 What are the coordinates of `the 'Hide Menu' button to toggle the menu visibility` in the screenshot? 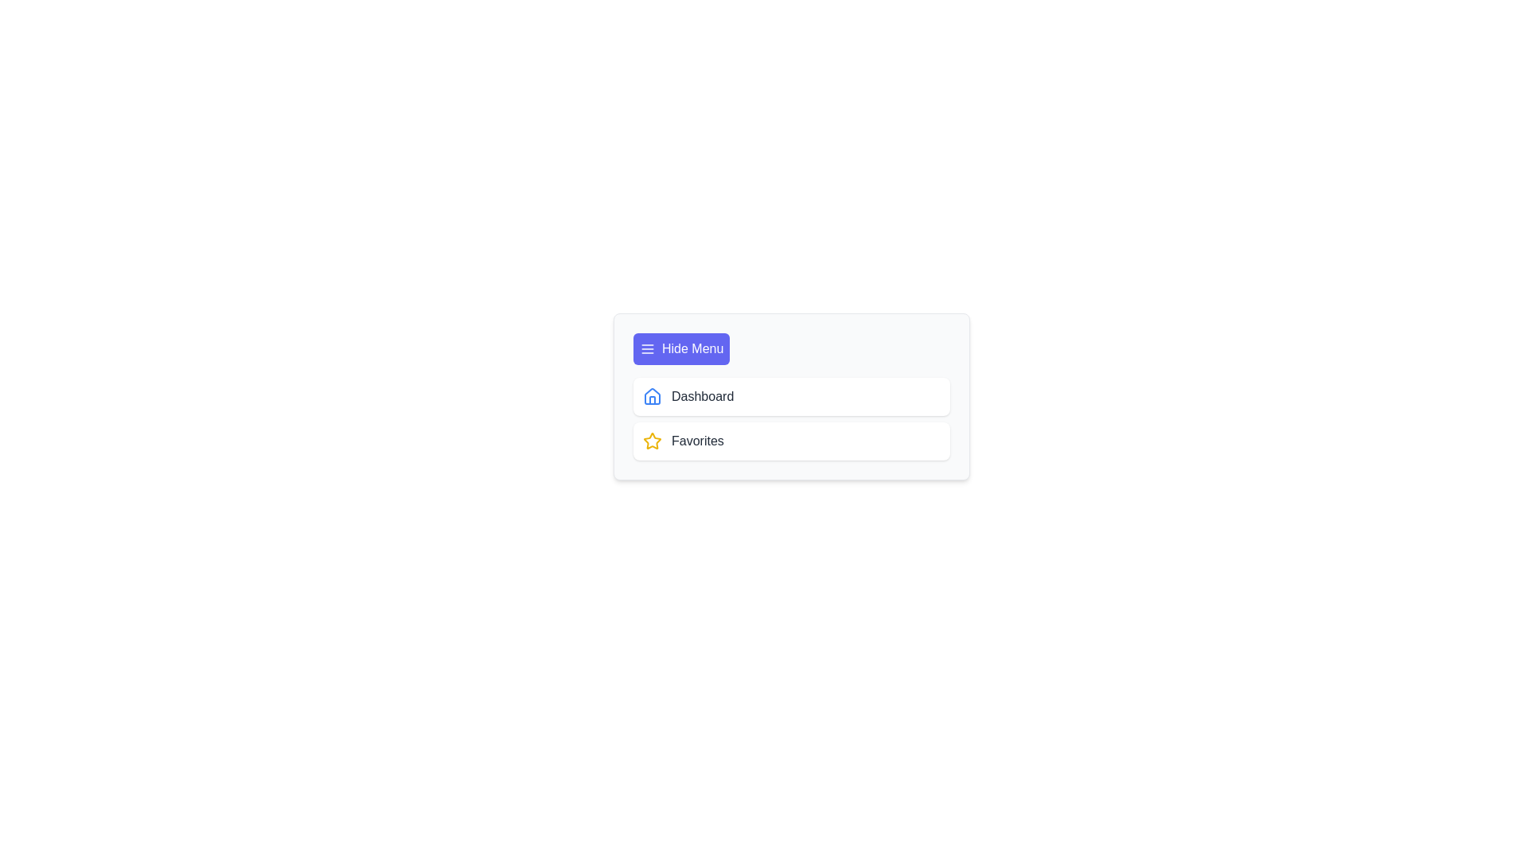 It's located at (680, 348).